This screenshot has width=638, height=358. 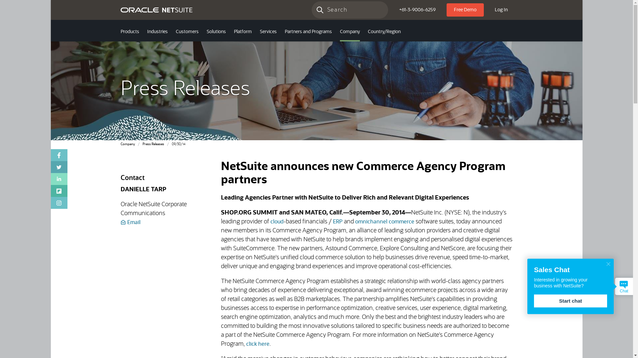 I want to click on 'Company', so click(x=127, y=144).